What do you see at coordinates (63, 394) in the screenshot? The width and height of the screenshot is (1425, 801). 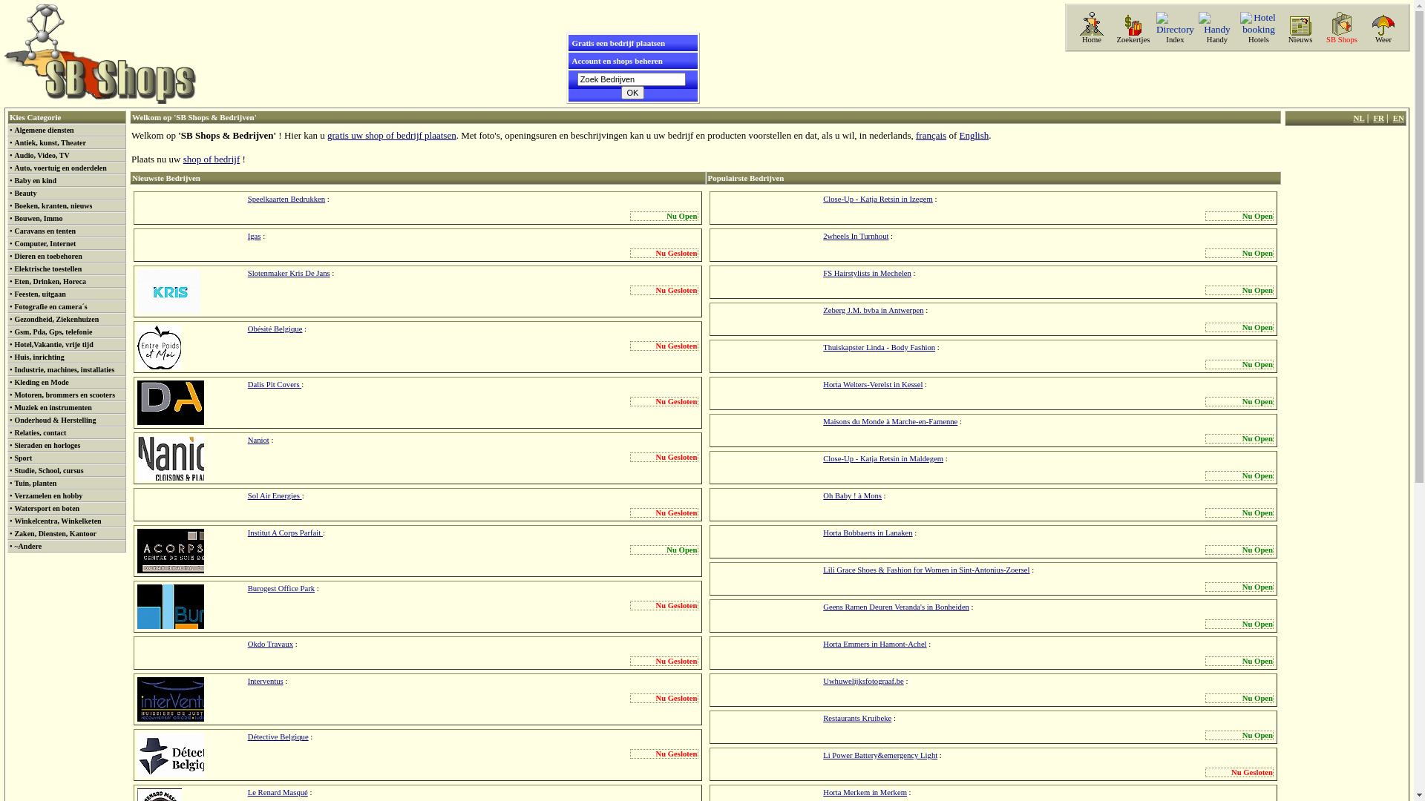 I see `'Motoren, brommers en scooters'` at bounding box center [63, 394].